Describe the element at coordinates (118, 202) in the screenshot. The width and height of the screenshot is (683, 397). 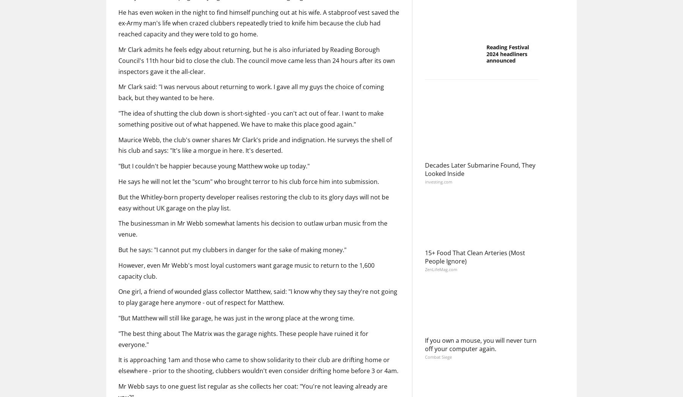
I see `'But the Whitley-born property developer realises restoring the club to its glory days will not be easy without UK garage on the play list.'` at that location.